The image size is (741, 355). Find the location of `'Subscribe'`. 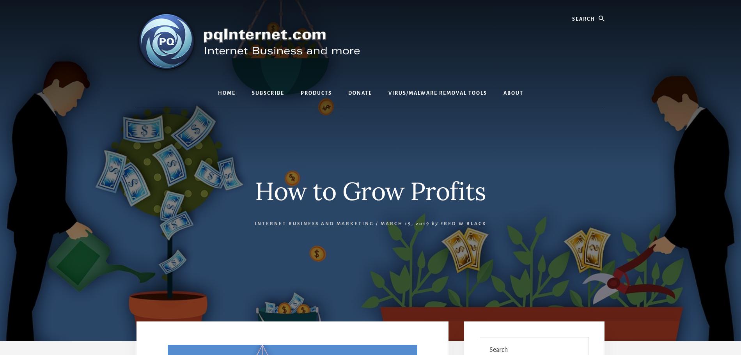

'Subscribe' is located at coordinates (268, 93).